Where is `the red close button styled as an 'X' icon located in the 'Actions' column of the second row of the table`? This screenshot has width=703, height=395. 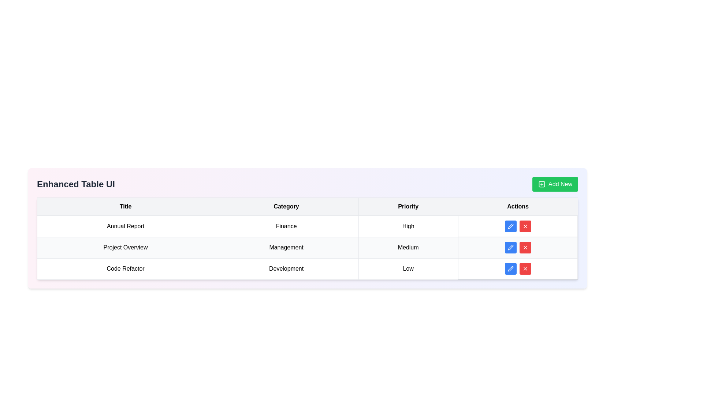
the red close button styled as an 'X' icon located in the 'Actions' column of the second row of the table is located at coordinates (525, 226).